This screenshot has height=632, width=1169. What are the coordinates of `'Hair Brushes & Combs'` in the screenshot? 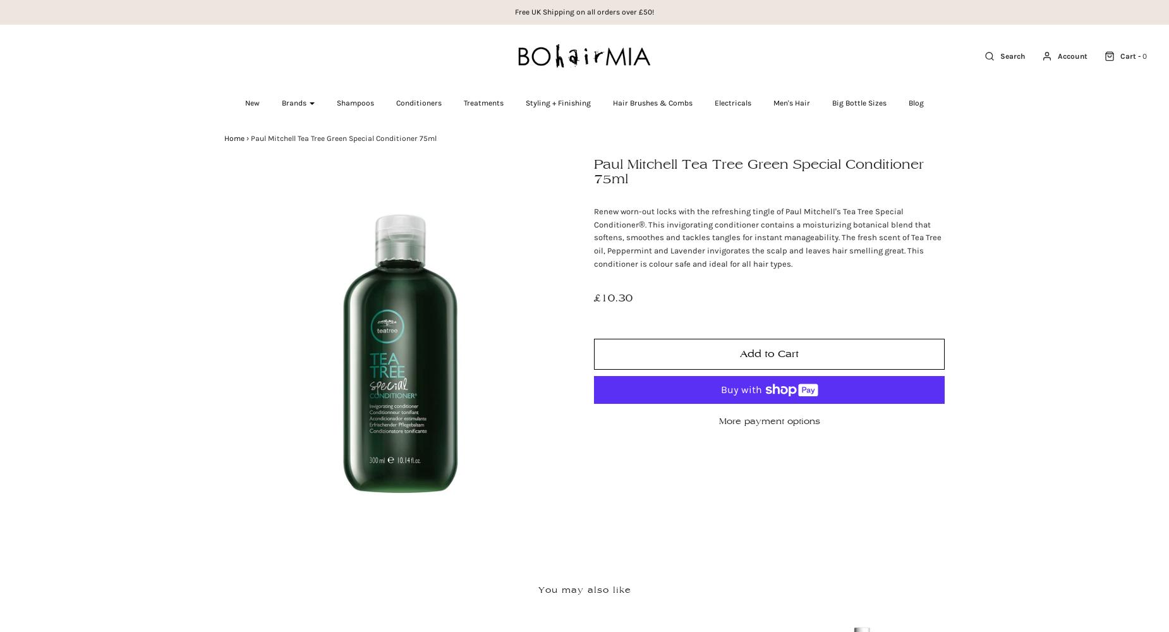 It's located at (612, 103).